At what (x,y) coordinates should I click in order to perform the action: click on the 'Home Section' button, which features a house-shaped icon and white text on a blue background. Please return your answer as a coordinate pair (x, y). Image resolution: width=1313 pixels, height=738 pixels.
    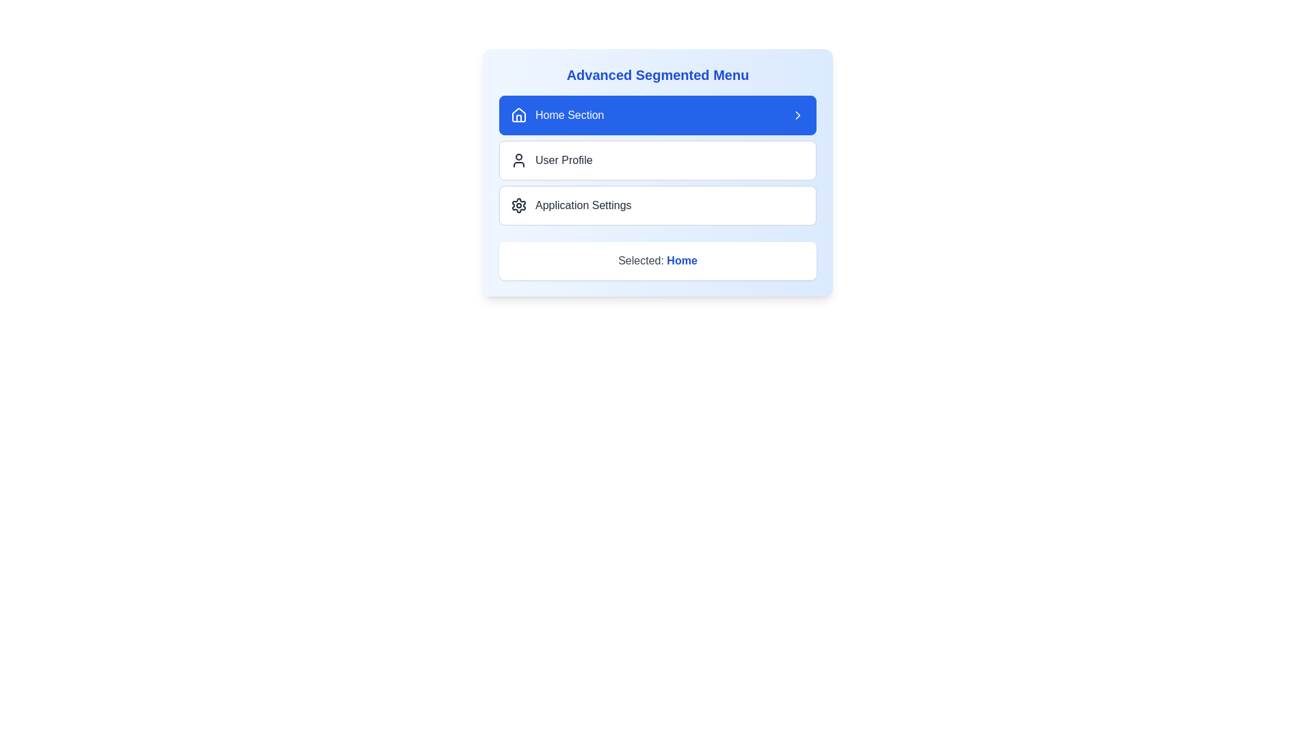
    Looking at the image, I should click on (557, 115).